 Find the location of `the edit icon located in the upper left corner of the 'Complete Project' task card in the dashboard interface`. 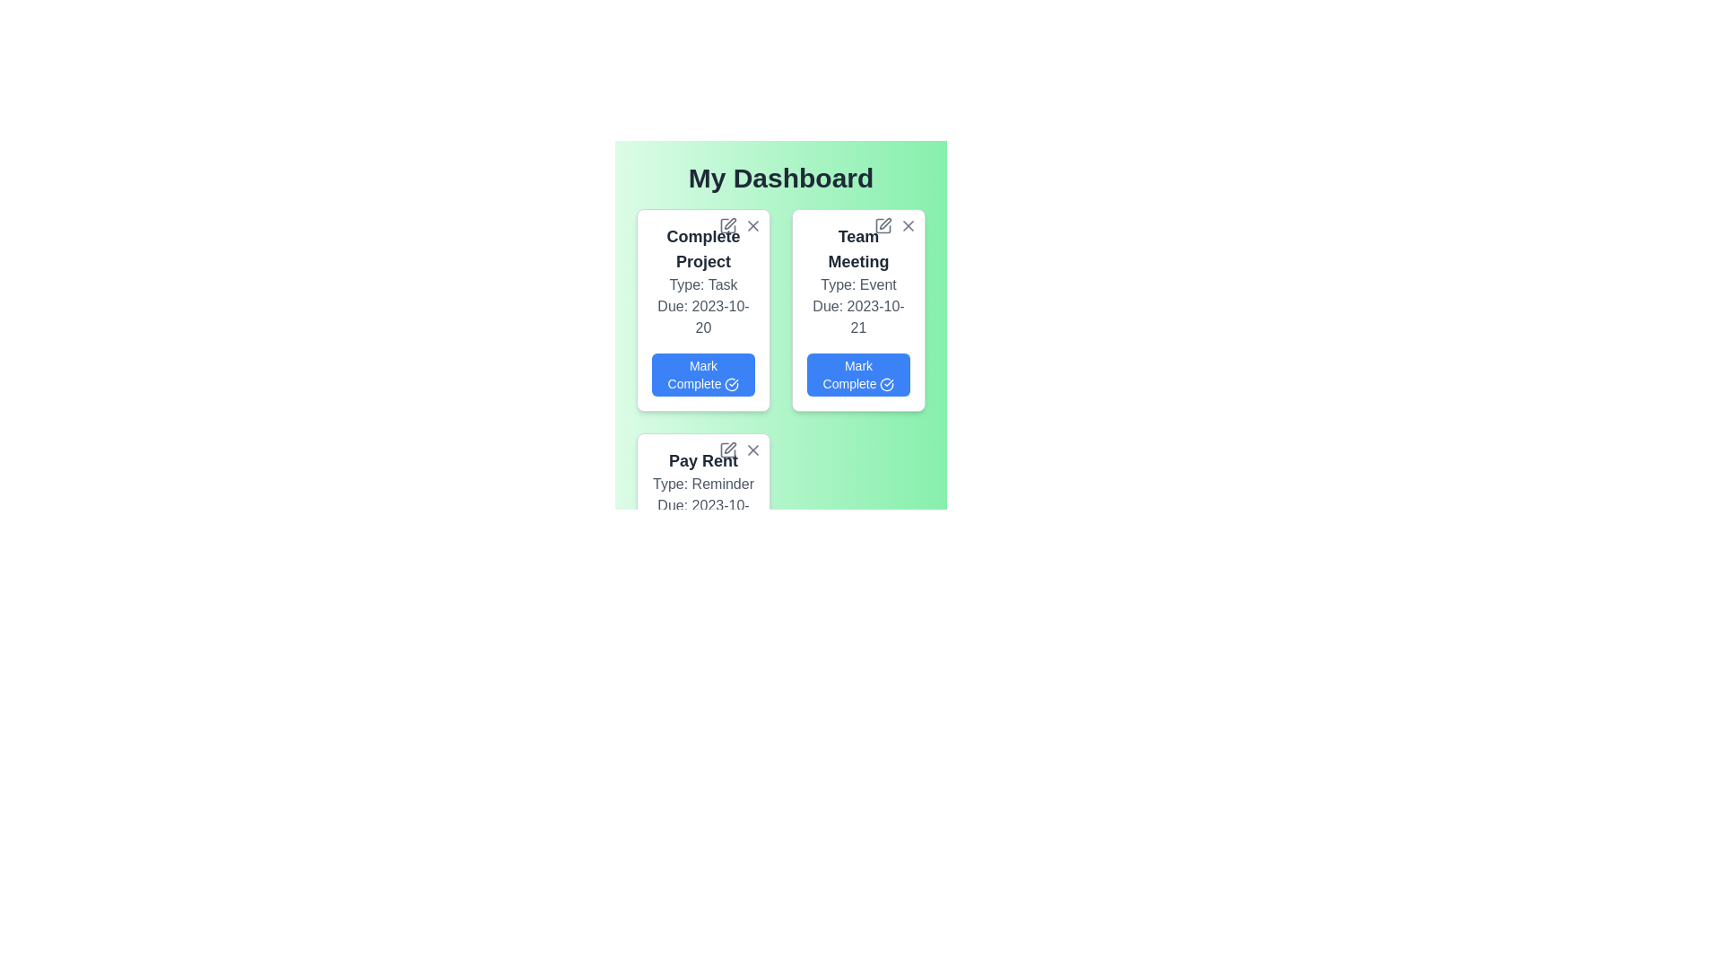

the edit icon located in the upper left corner of the 'Complete Project' task card in the dashboard interface is located at coordinates (727, 224).